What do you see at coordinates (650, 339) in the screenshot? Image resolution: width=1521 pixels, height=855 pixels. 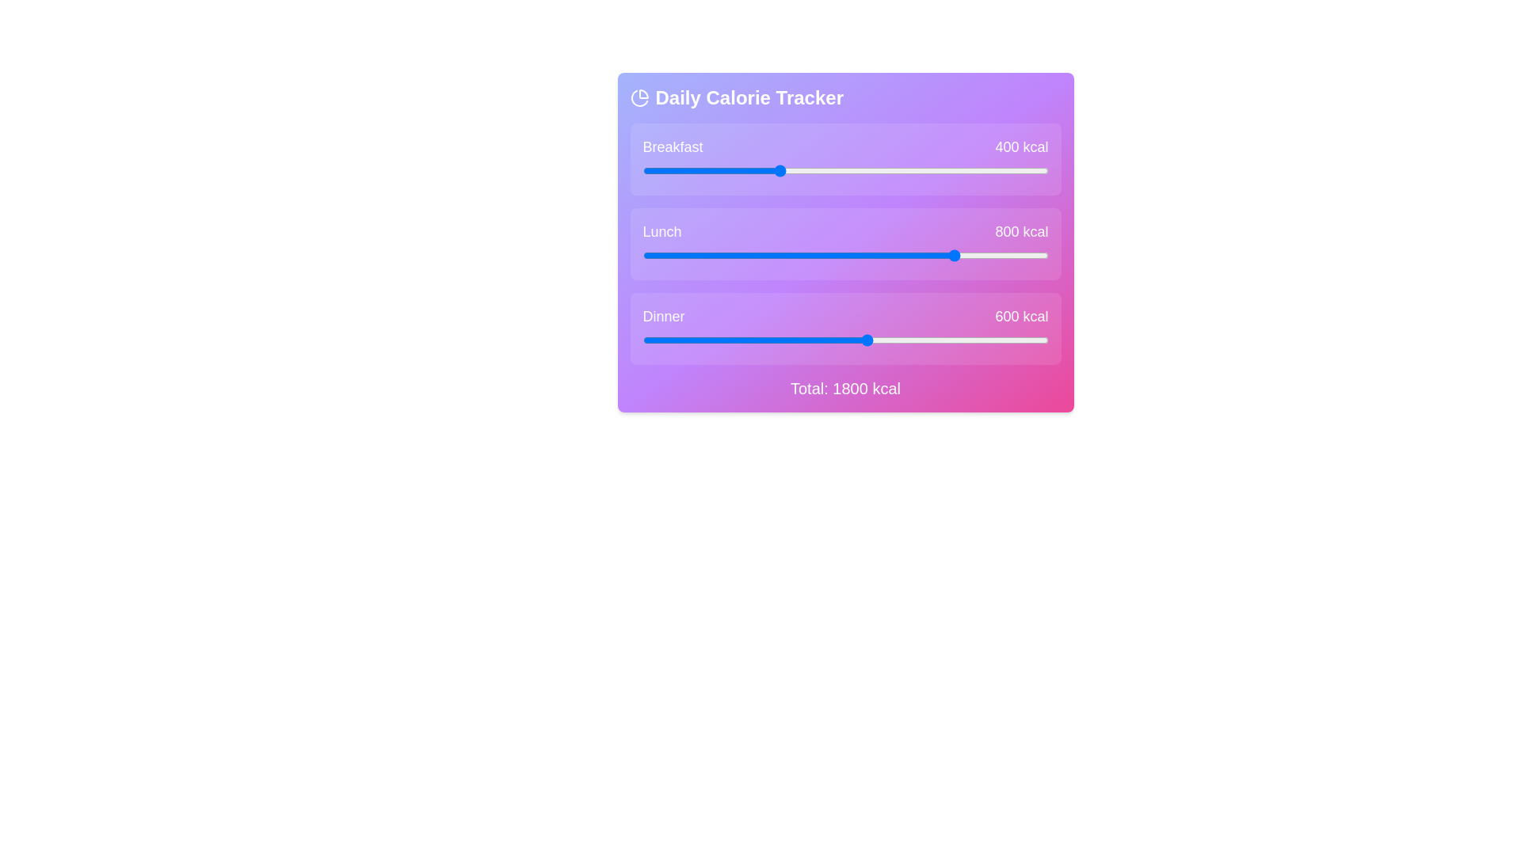 I see `the dinner calorie slider` at bounding box center [650, 339].